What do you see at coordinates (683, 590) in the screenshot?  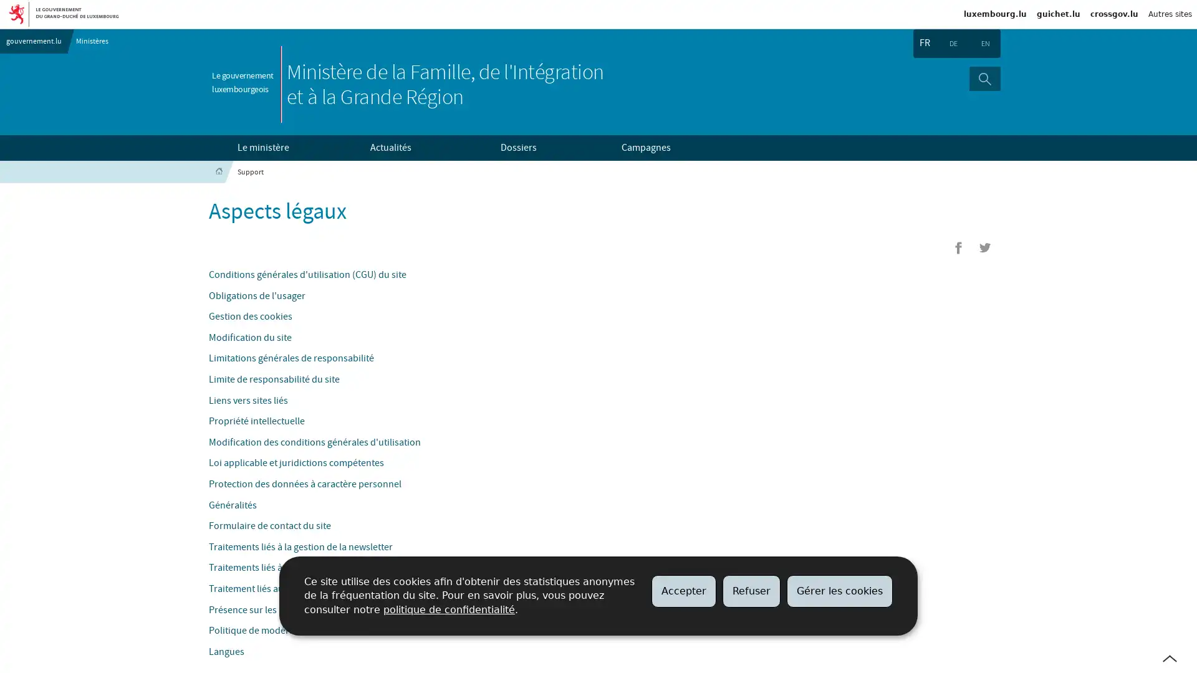 I see `Accepter` at bounding box center [683, 590].